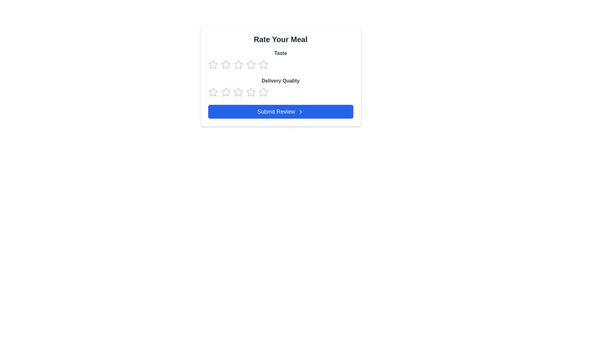  What do you see at coordinates (225, 92) in the screenshot?
I see `the second star icon in the 'Delivery Quality' category` at bounding box center [225, 92].